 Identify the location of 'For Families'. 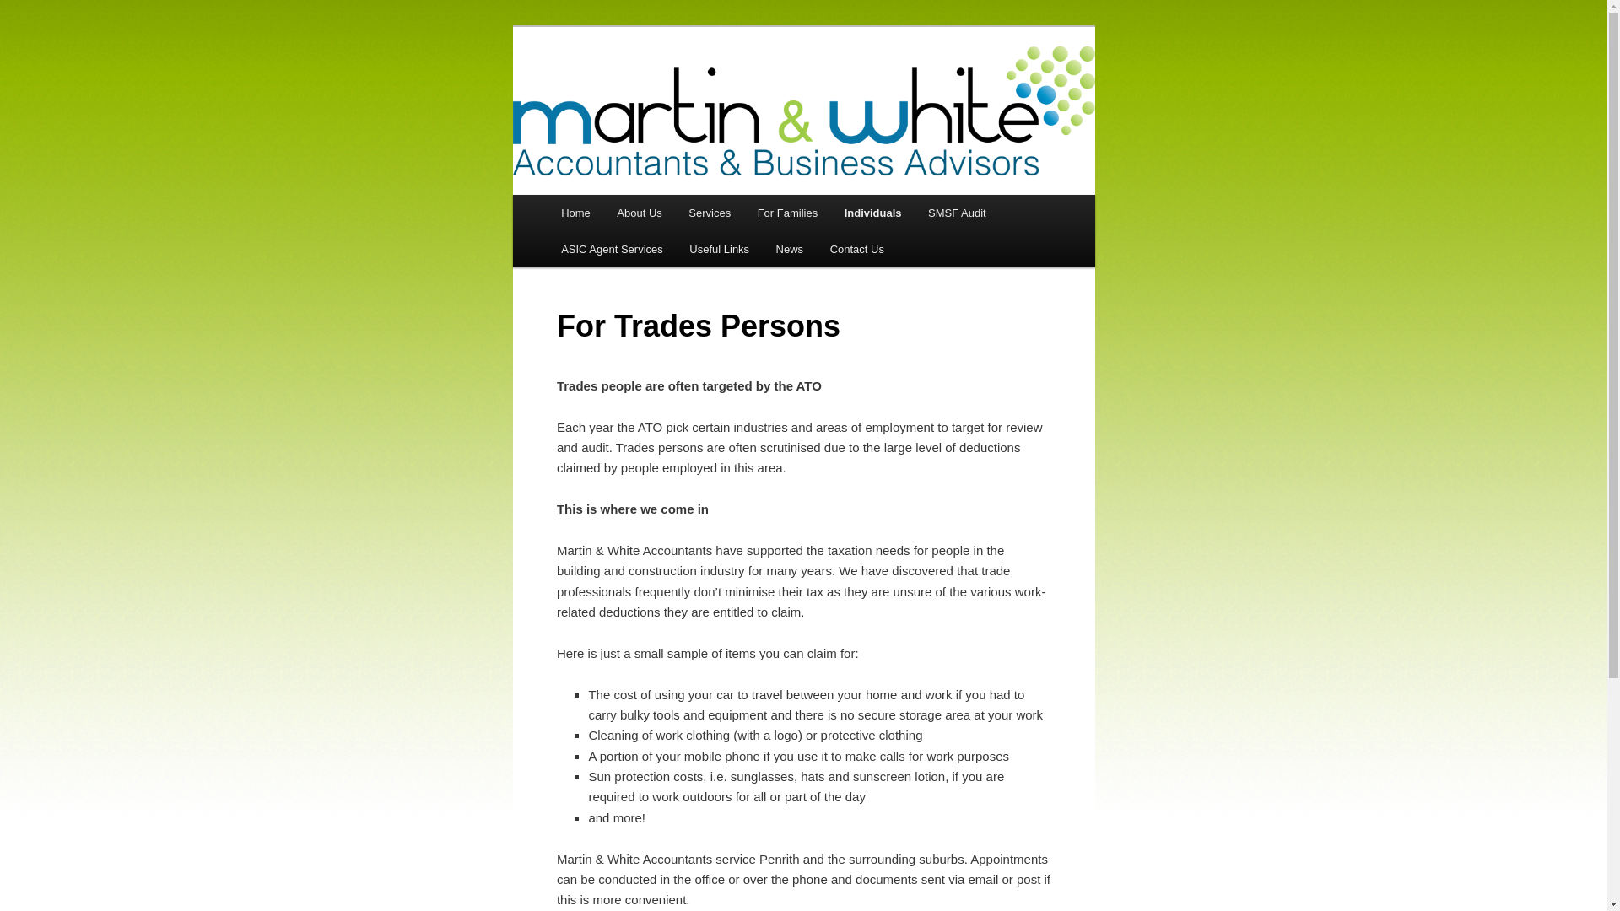
(786, 212).